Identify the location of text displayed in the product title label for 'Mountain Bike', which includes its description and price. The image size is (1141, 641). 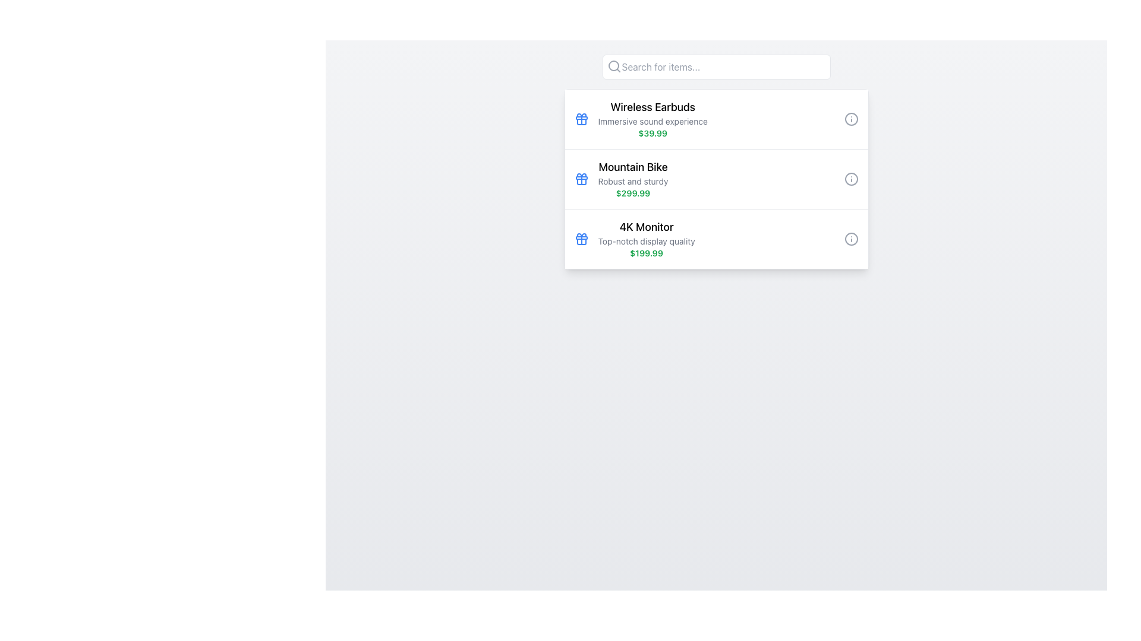
(632, 179).